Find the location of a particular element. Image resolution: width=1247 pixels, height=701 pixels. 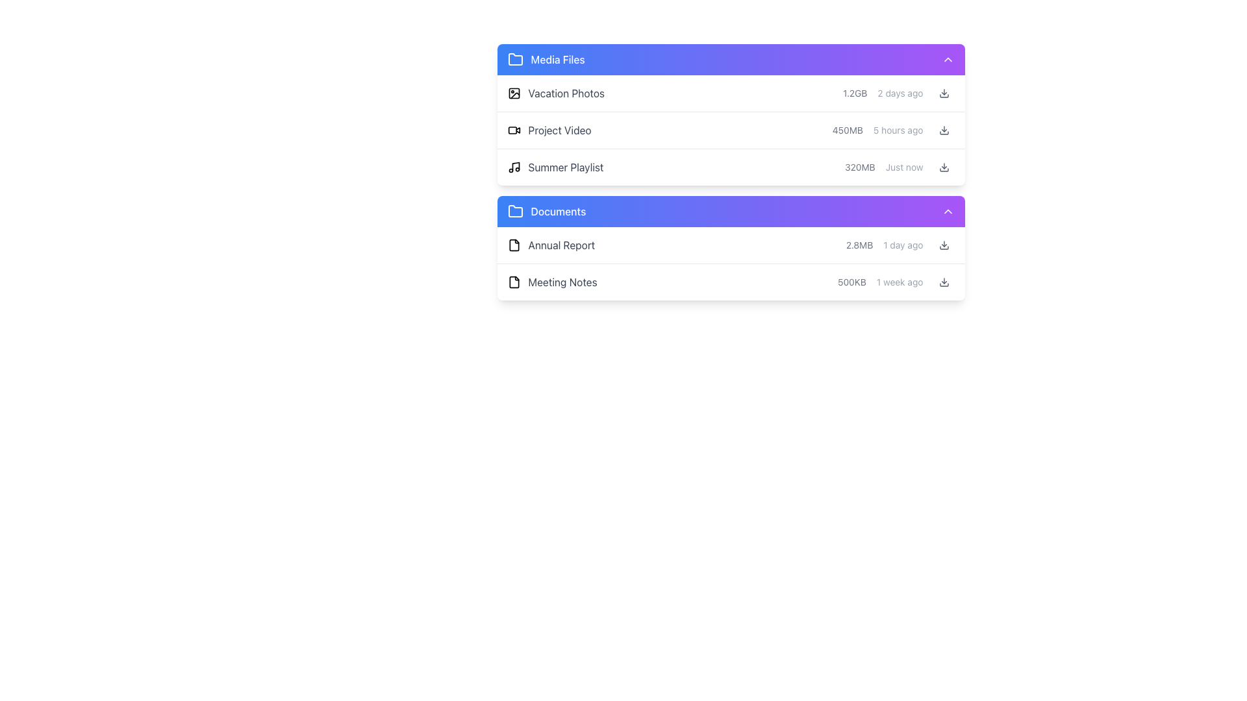

the static text label displaying '1 day ago' in light gray font is located at coordinates (902, 245).